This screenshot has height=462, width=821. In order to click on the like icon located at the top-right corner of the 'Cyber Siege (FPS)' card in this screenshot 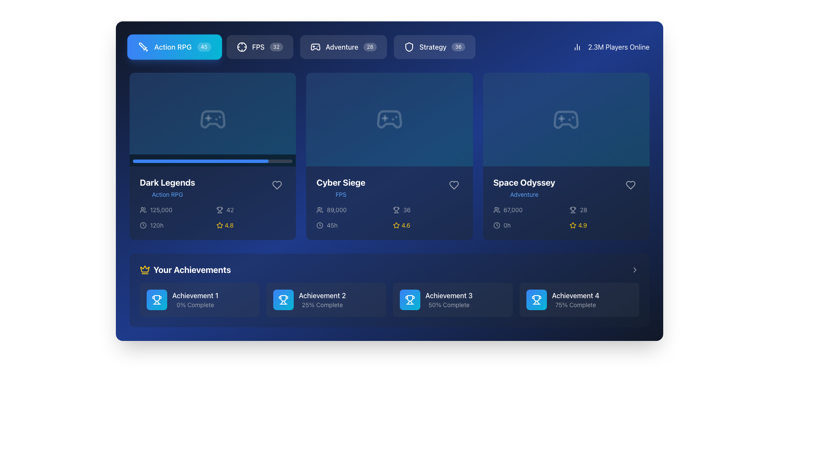, I will do `click(453, 184)`.